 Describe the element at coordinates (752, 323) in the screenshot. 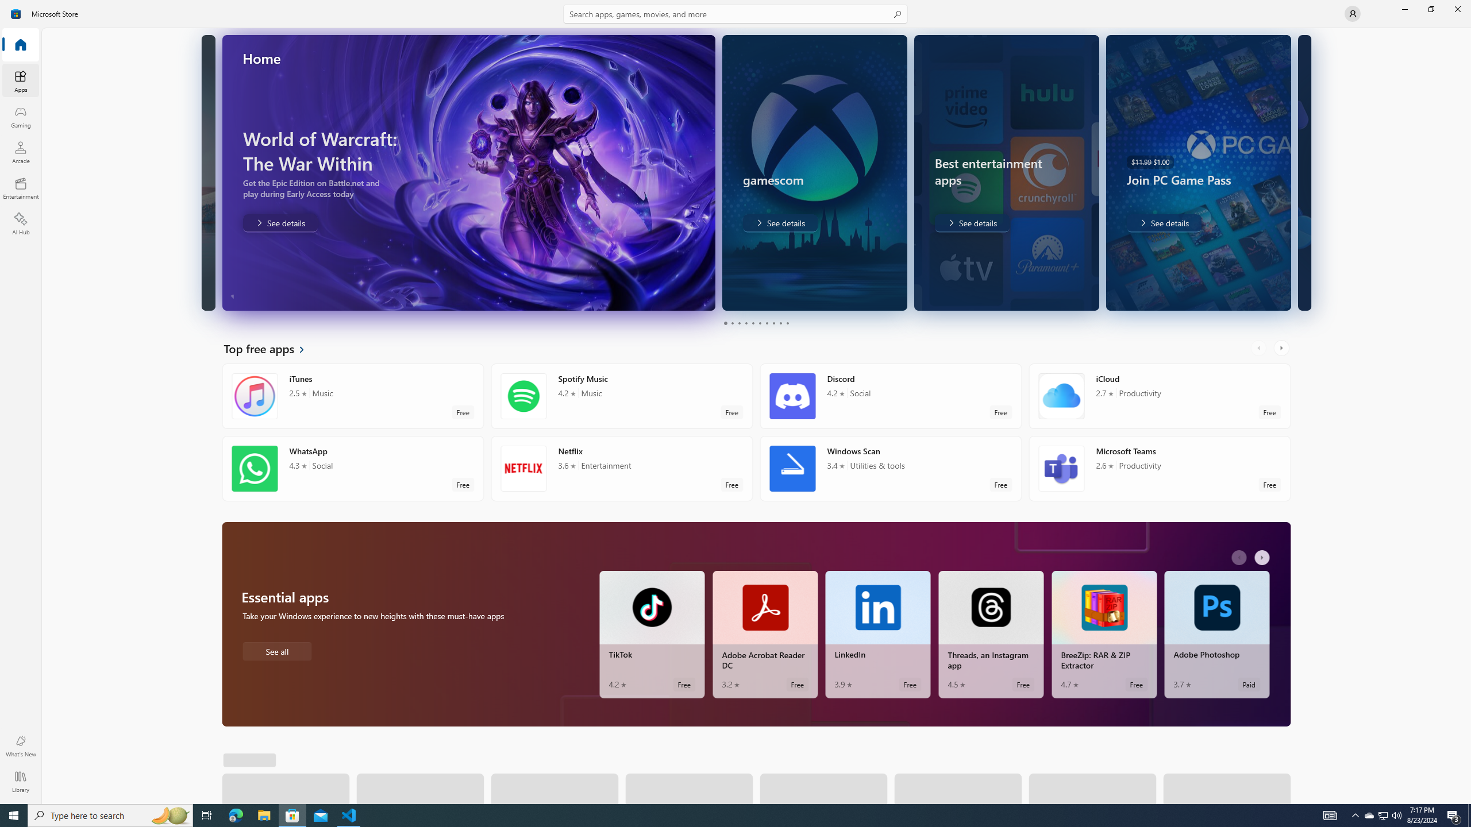

I see `'Page 5'` at that location.